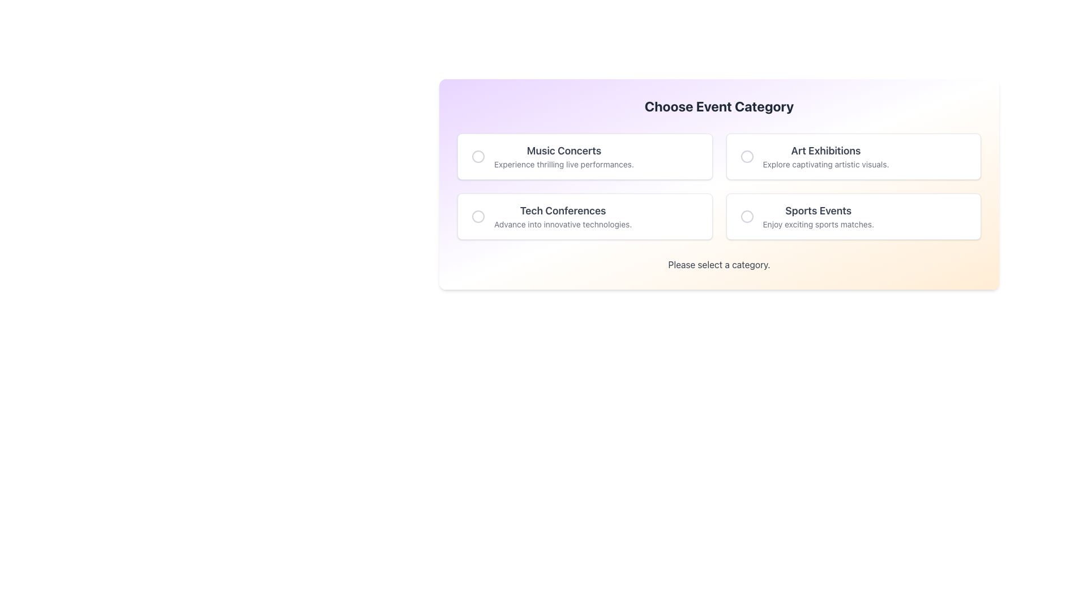 The image size is (1087, 611). I want to click on the radio button indicator for the 'Sports Events' category located in the bottom-right of the four-category layout, so click(747, 216).